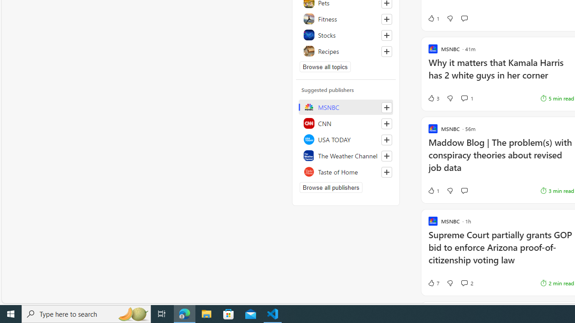 The height and width of the screenshot is (323, 575). What do you see at coordinates (386, 172) in the screenshot?
I see `'Follow this source'` at bounding box center [386, 172].